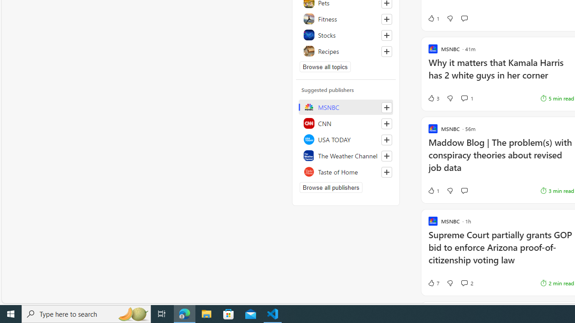 The height and width of the screenshot is (323, 575). What do you see at coordinates (386, 172) in the screenshot?
I see `'Follow this source'` at bounding box center [386, 172].